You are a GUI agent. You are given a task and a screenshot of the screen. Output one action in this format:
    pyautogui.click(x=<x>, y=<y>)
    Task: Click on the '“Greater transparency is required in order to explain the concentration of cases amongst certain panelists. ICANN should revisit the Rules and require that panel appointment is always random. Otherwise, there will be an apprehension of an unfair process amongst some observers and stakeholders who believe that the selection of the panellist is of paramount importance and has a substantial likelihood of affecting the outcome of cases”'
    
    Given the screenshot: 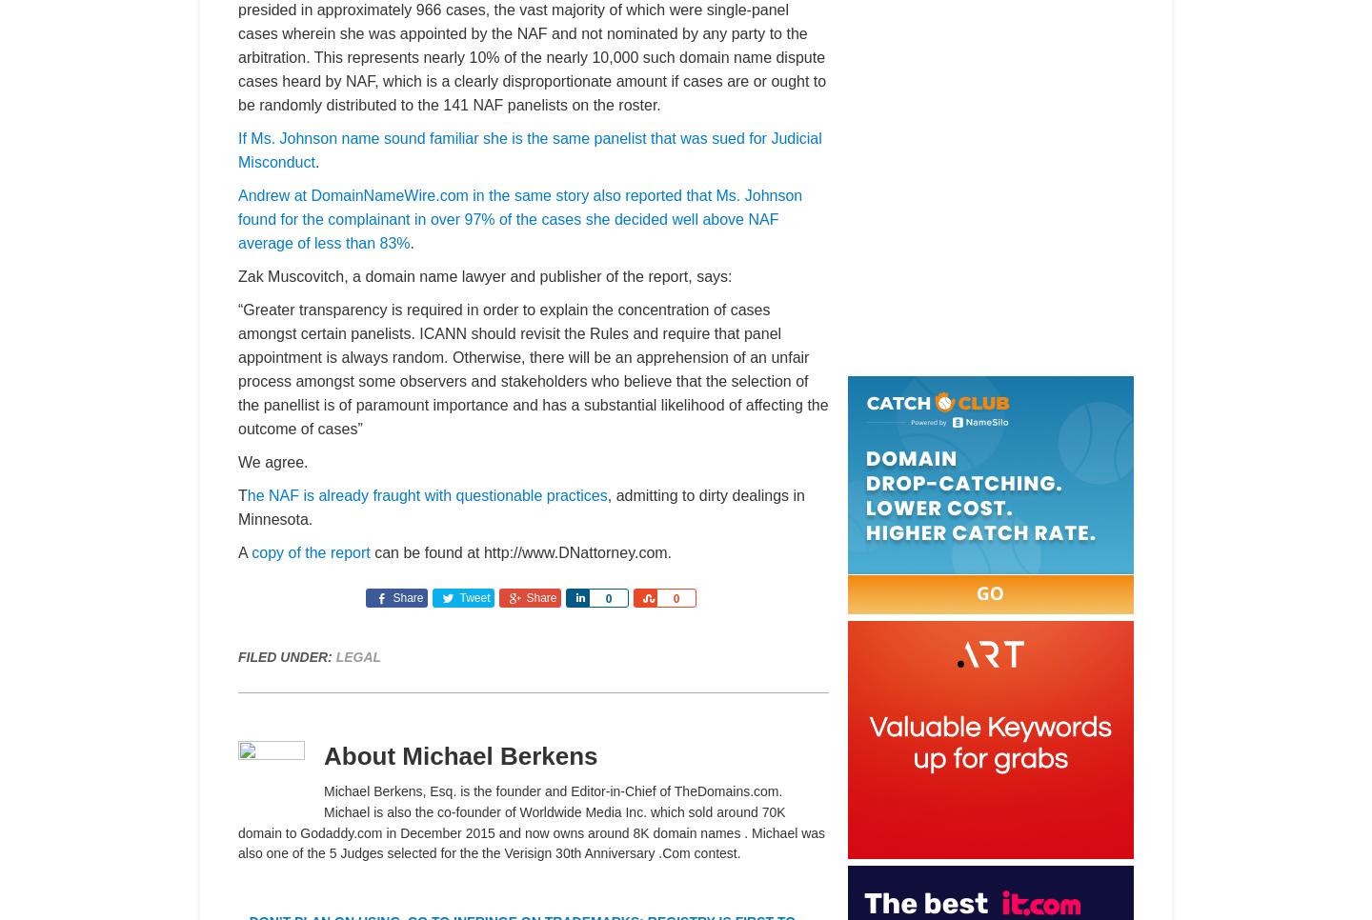 What is the action you would take?
    pyautogui.click(x=533, y=370)
    